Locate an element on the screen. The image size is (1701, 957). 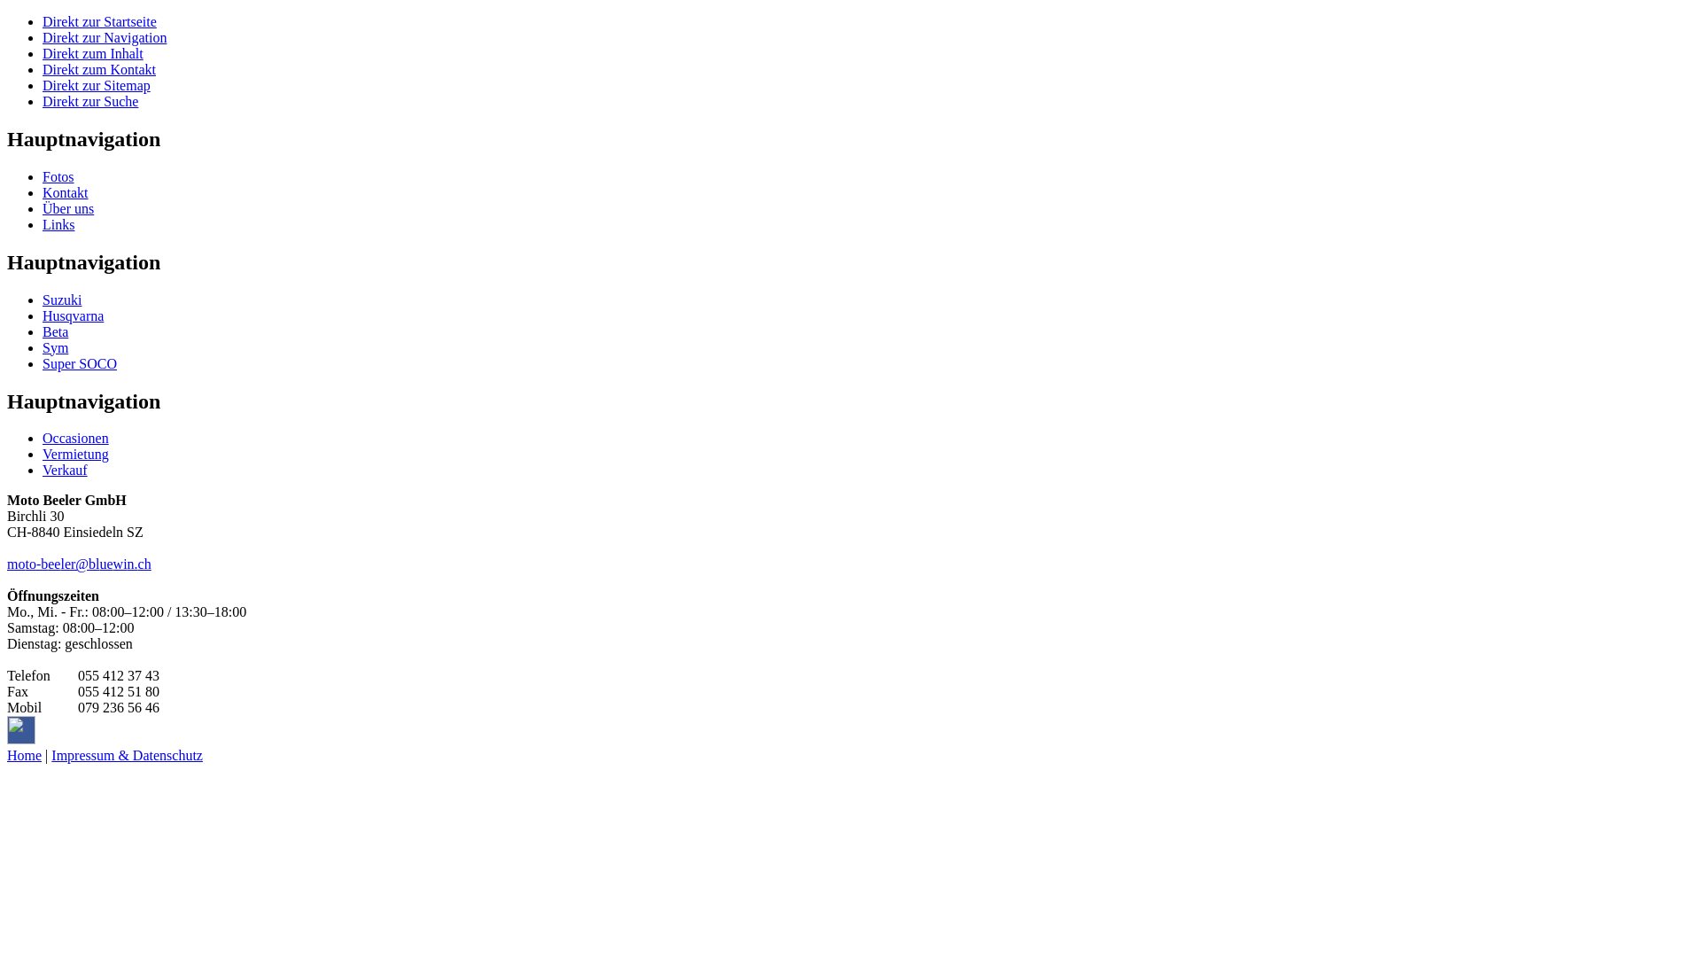
'Direkt zum Inhalt' is located at coordinates (92, 52).